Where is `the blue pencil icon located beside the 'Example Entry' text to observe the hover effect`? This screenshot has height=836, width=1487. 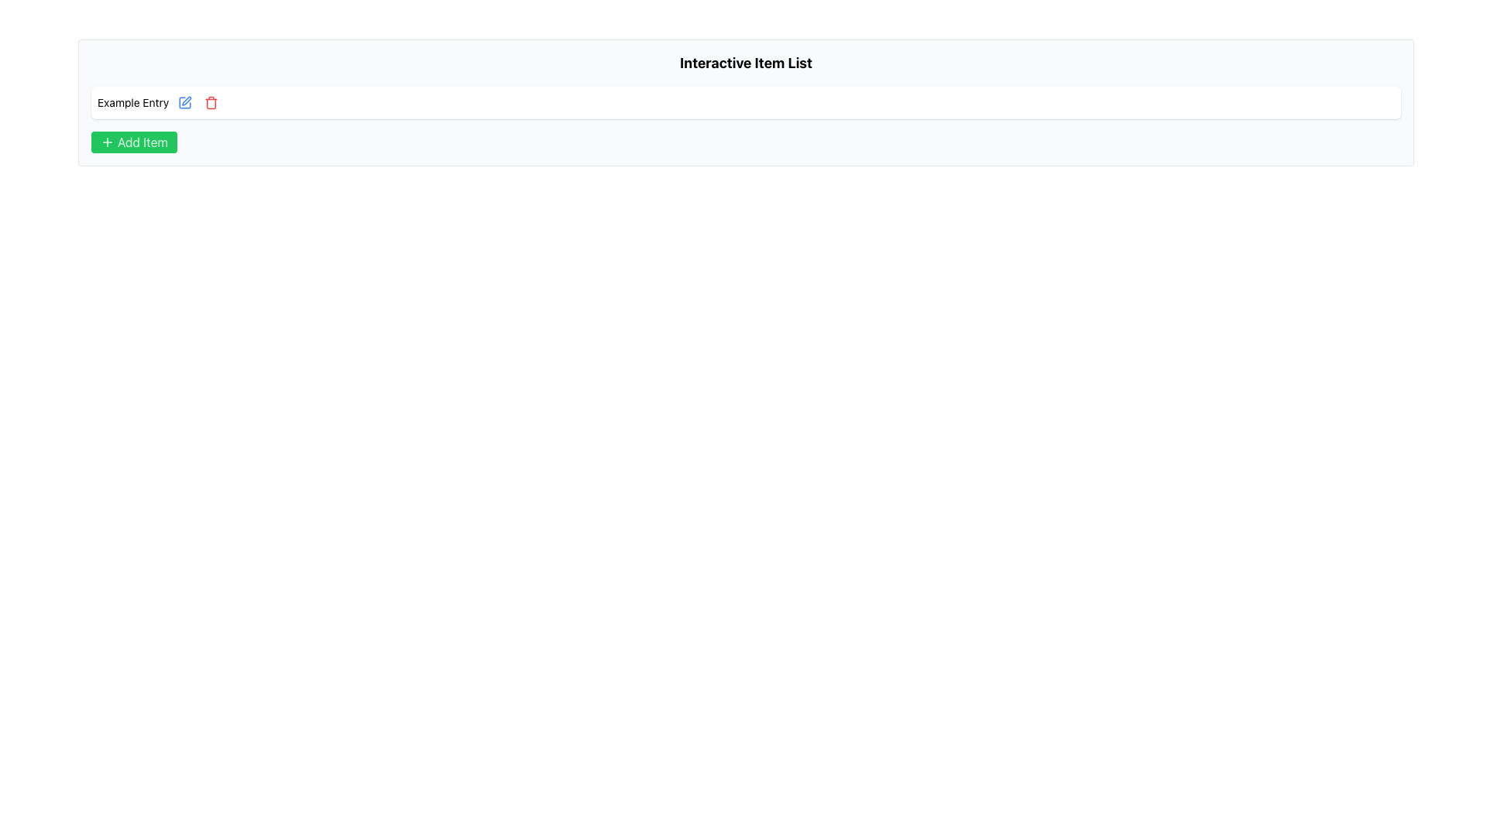
the blue pencil icon located beside the 'Example Entry' text to observe the hover effect is located at coordinates (185, 102).